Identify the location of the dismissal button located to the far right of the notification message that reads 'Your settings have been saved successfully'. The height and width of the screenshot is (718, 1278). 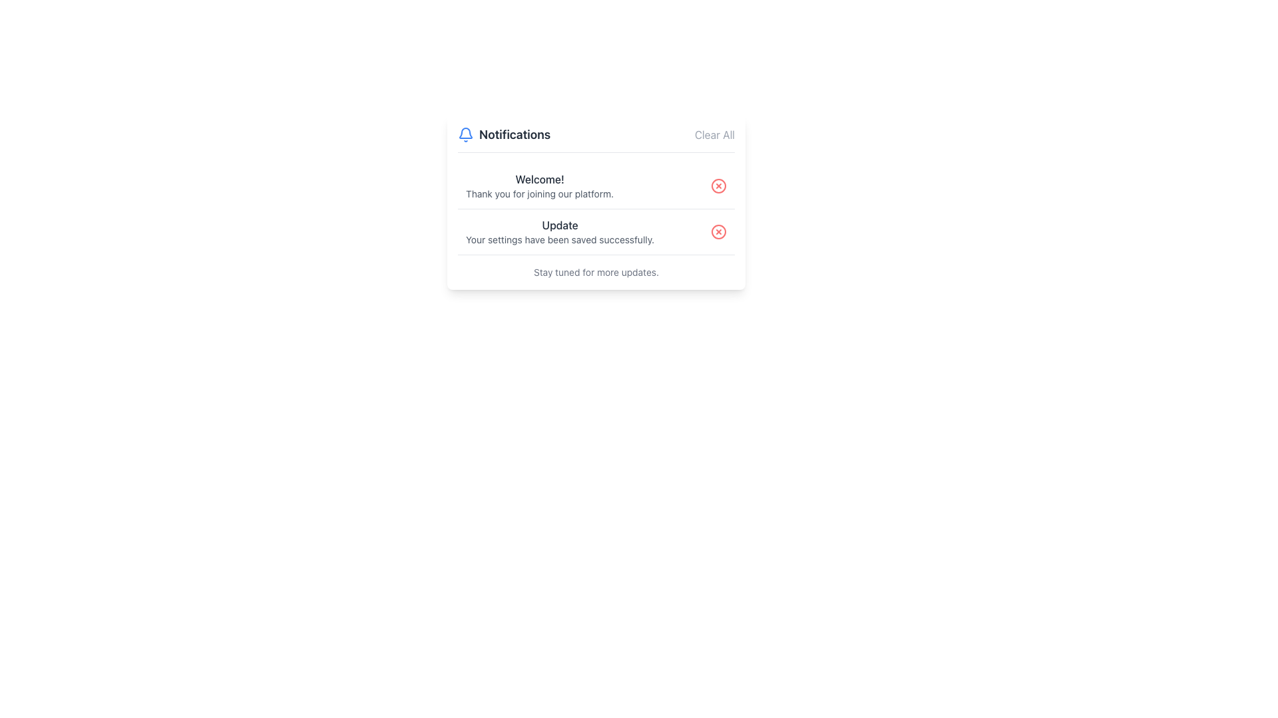
(718, 231).